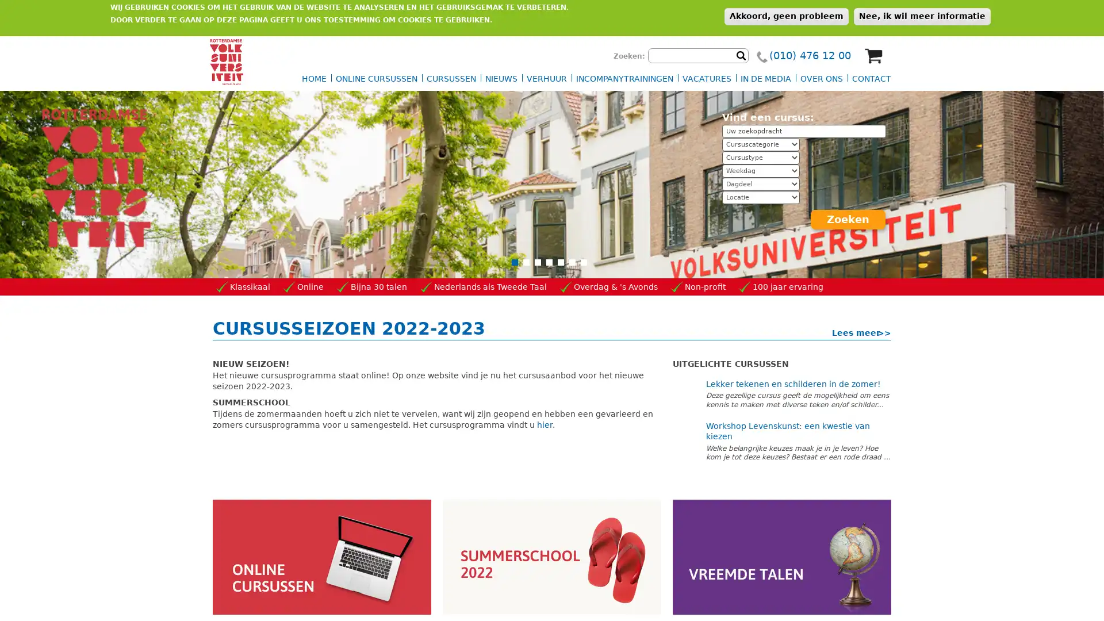 This screenshot has width=1104, height=621. What do you see at coordinates (786, 16) in the screenshot?
I see `Akkoord, geen probleem` at bounding box center [786, 16].